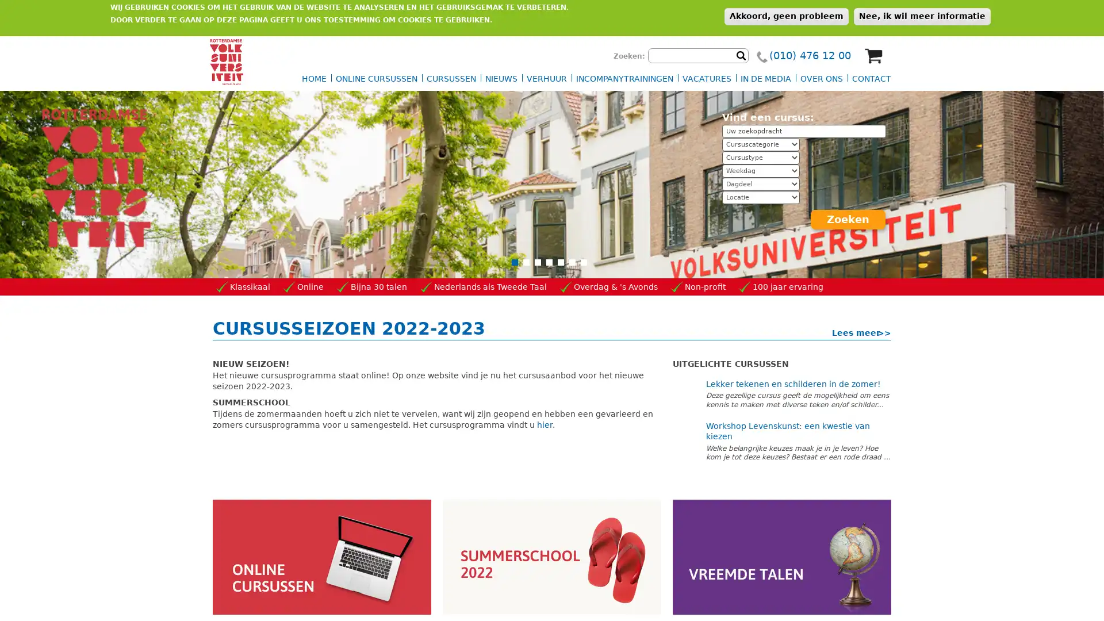 This screenshot has width=1104, height=621. What do you see at coordinates (786, 16) in the screenshot?
I see `Akkoord, geen probleem` at bounding box center [786, 16].